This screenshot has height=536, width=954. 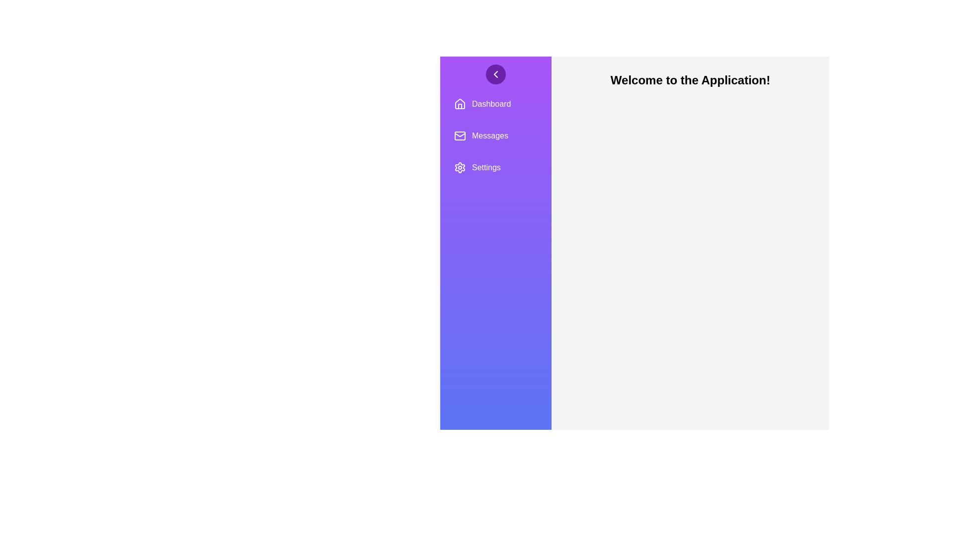 What do you see at coordinates (496, 135) in the screenshot?
I see `the 'Messages' item in the Navigation Menu located in the left-hand sidebar` at bounding box center [496, 135].